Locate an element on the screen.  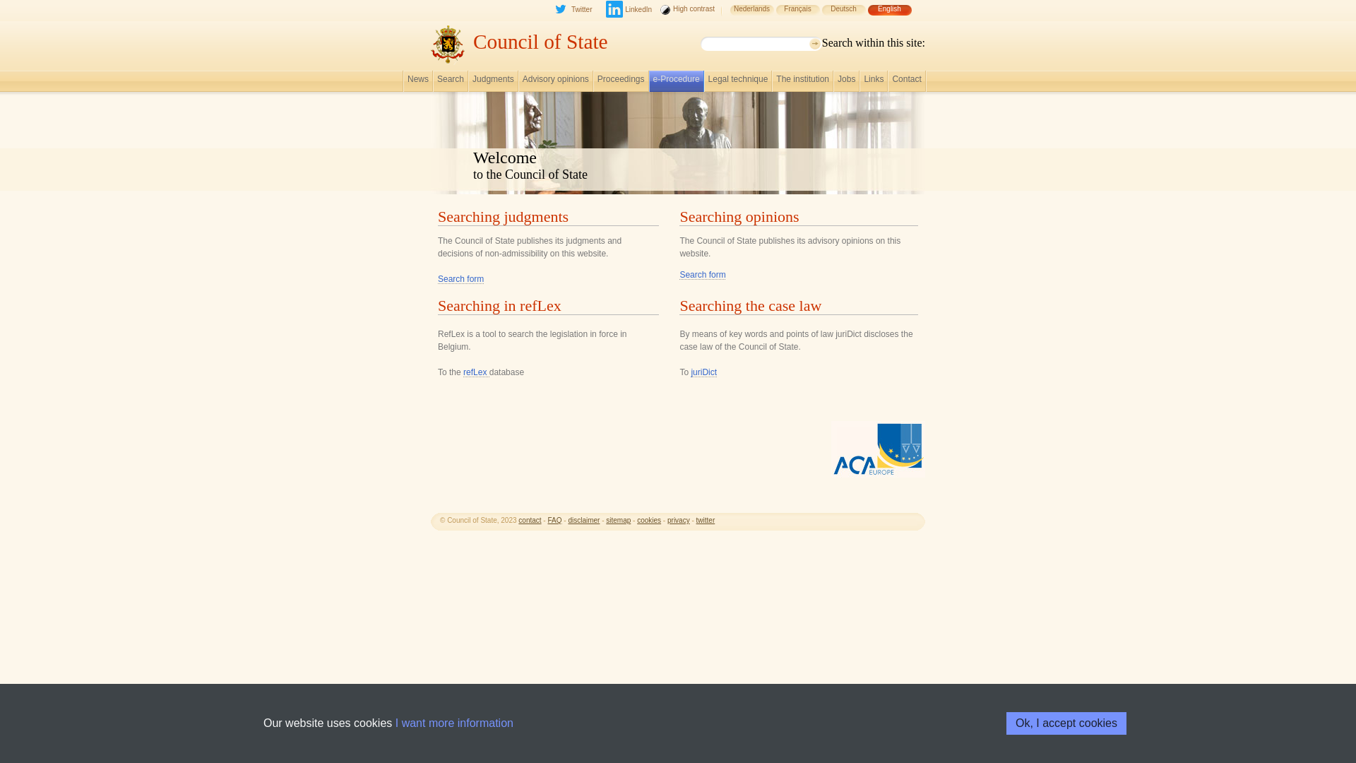
'Jobs' is located at coordinates (846, 83).